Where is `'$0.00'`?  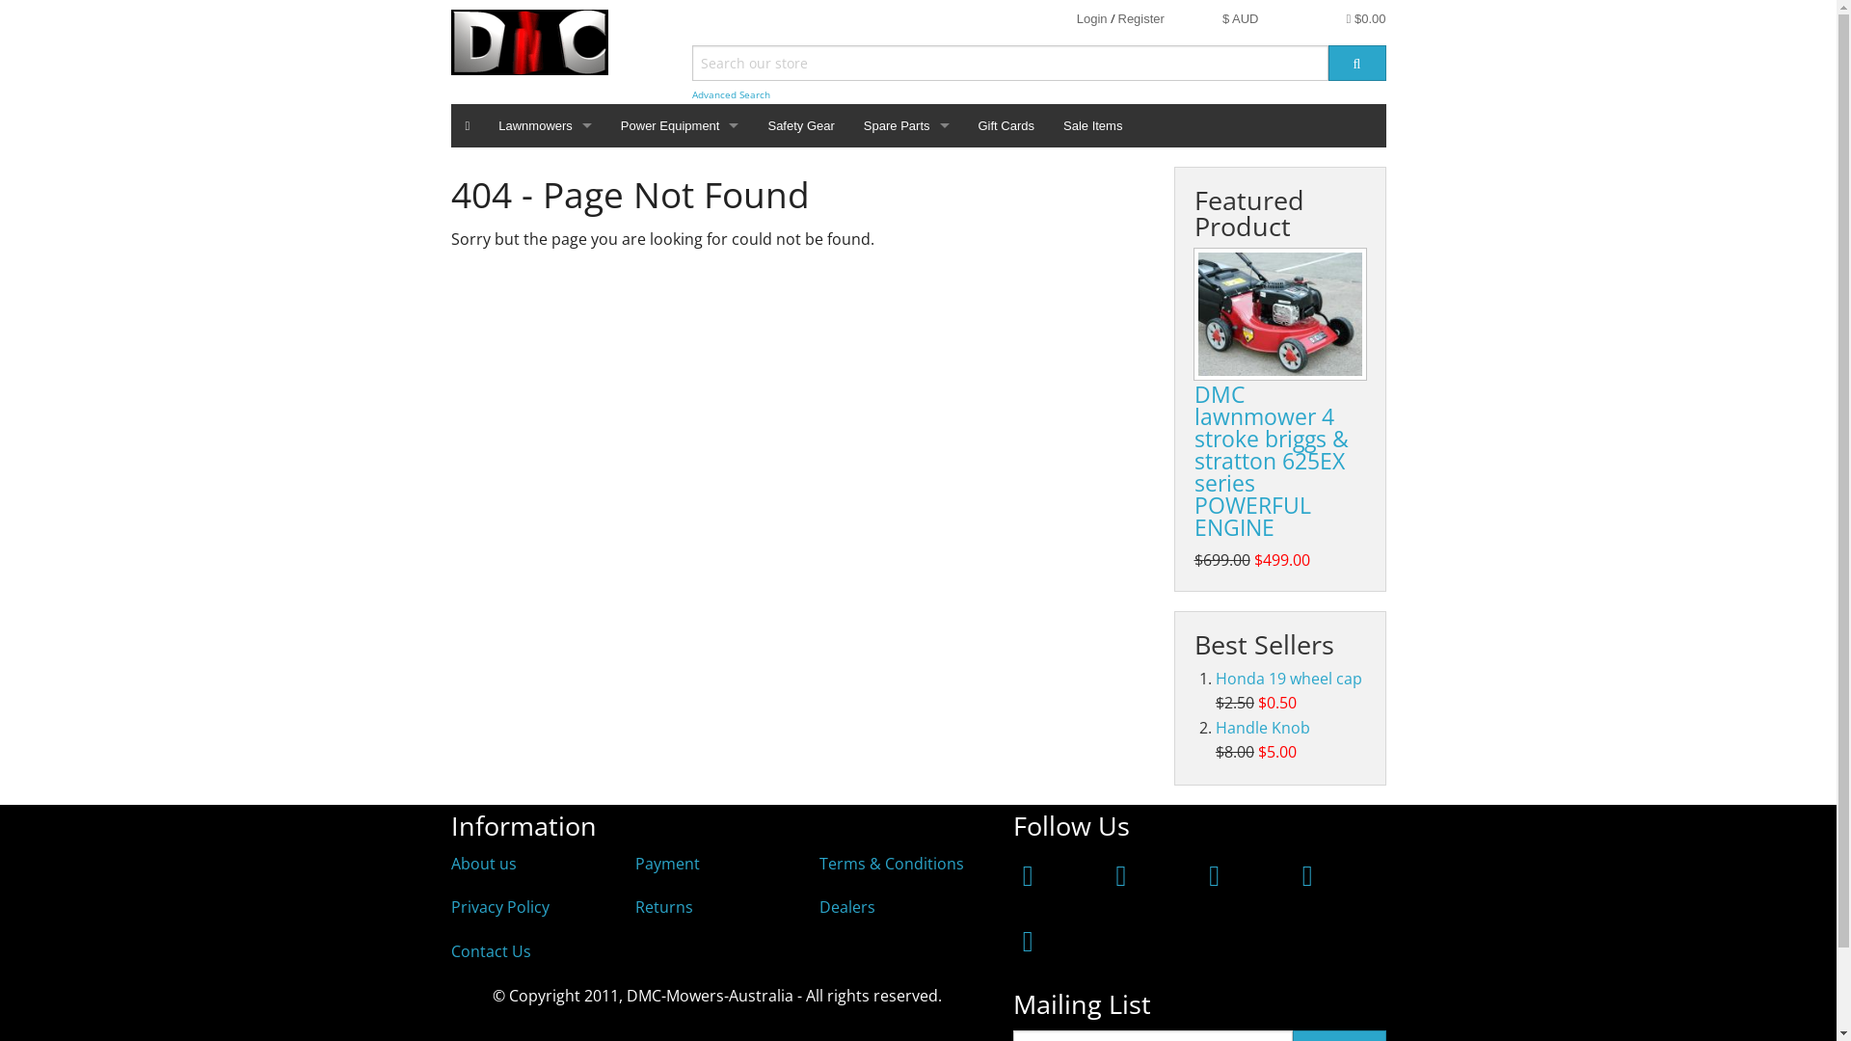 '$0.00' is located at coordinates (1365, 18).